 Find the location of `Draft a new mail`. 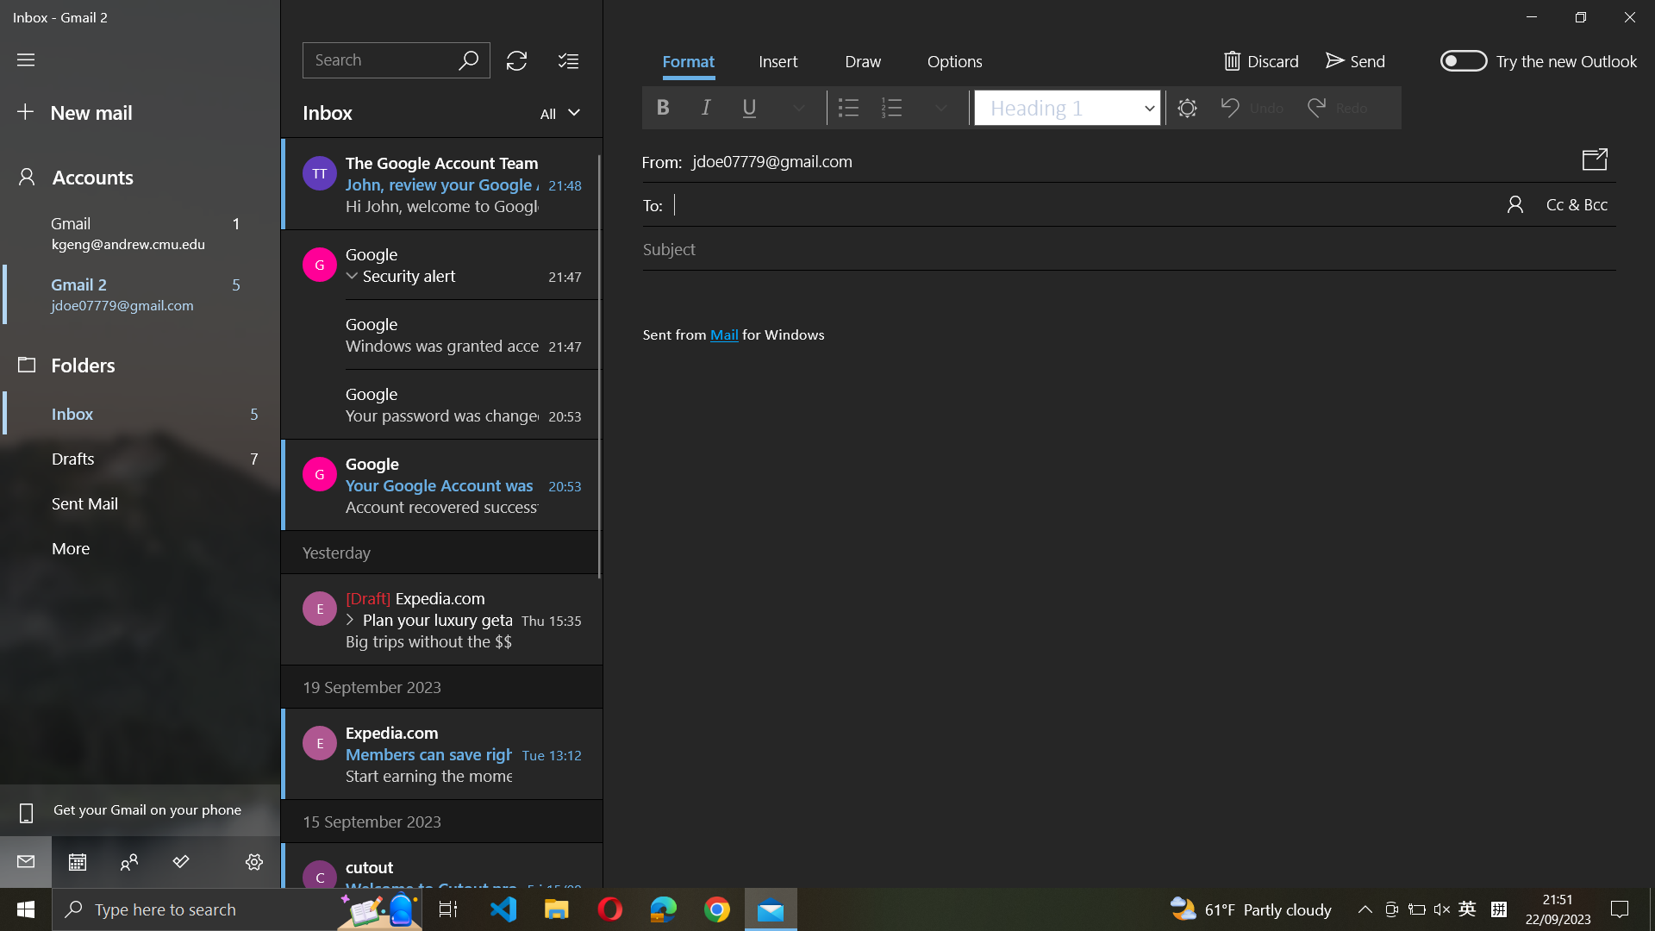

Draft a new mail is located at coordinates (142, 113).